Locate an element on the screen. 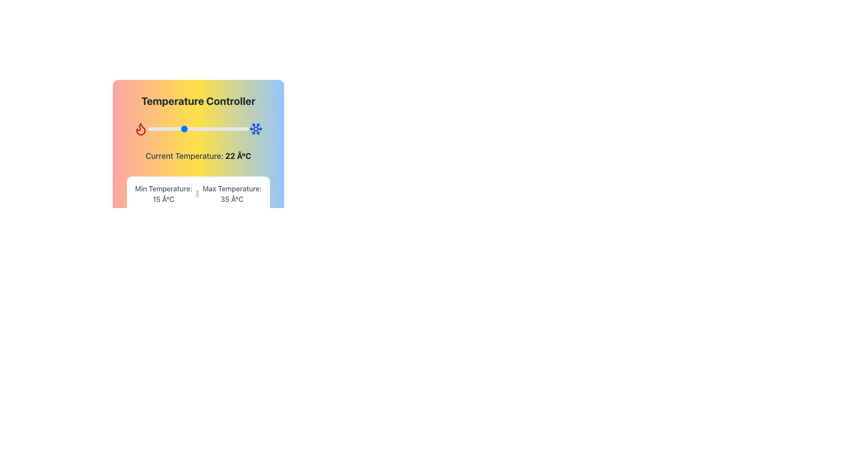  temperature is located at coordinates (153, 129).